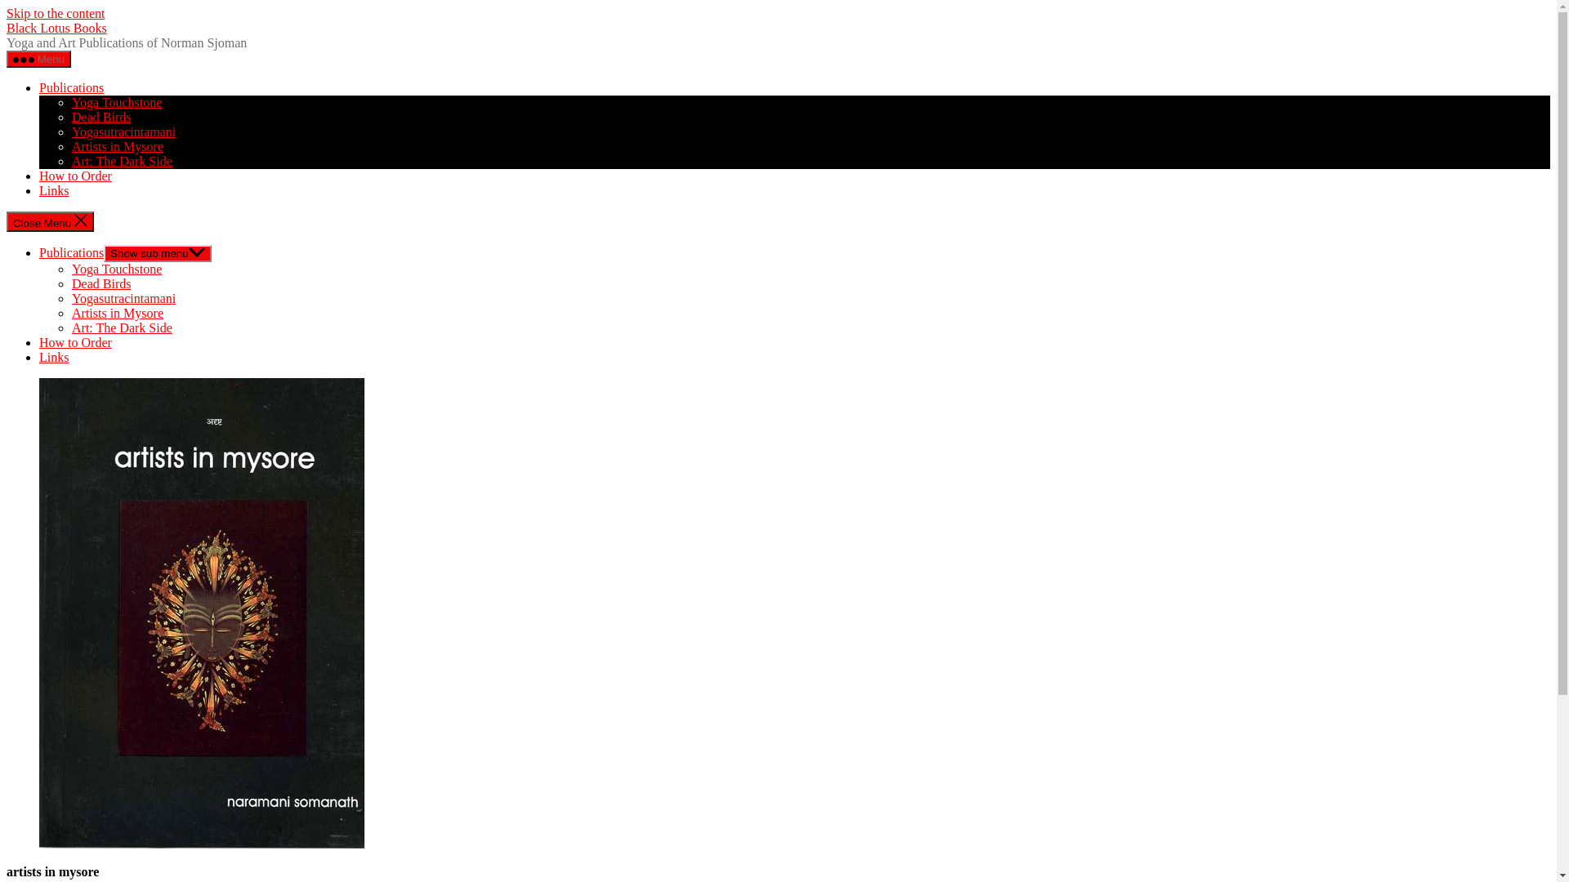 Image resolution: width=1569 pixels, height=882 pixels. Describe the element at coordinates (70, 102) in the screenshot. I see `'Yoga Touchstone'` at that location.